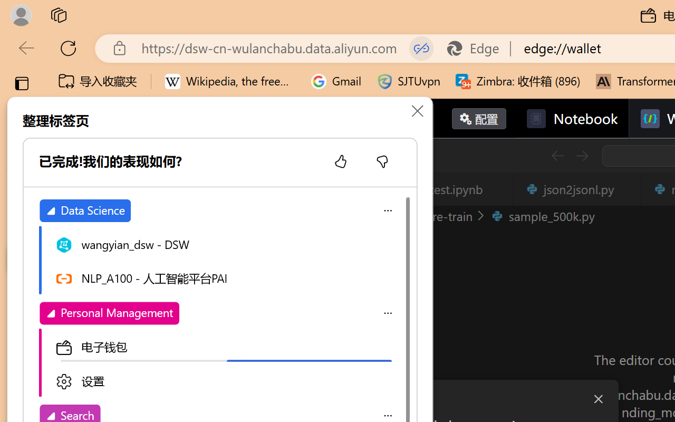 The height and width of the screenshot is (422, 675). What do you see at coordinates (598, 399) in the screenshot?
I see `'Close Dialog'` at bounding box center [598, 399].